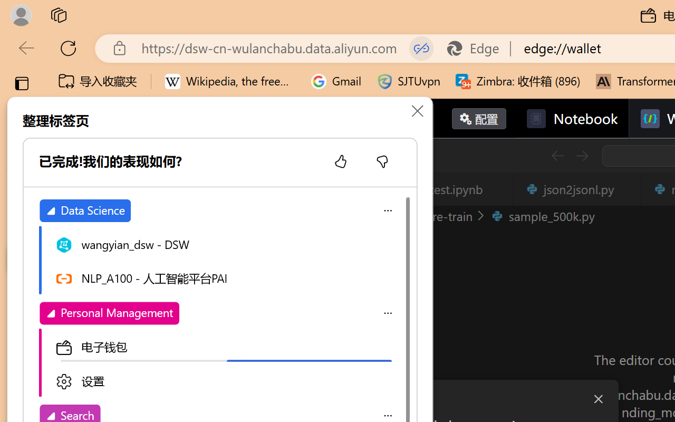 The height and width of the screenshot is (422, 675). What do you see at coordinates (598, 399) in the screenshot?
I see `'Close Dialog'` at bounding box center [598, 399].